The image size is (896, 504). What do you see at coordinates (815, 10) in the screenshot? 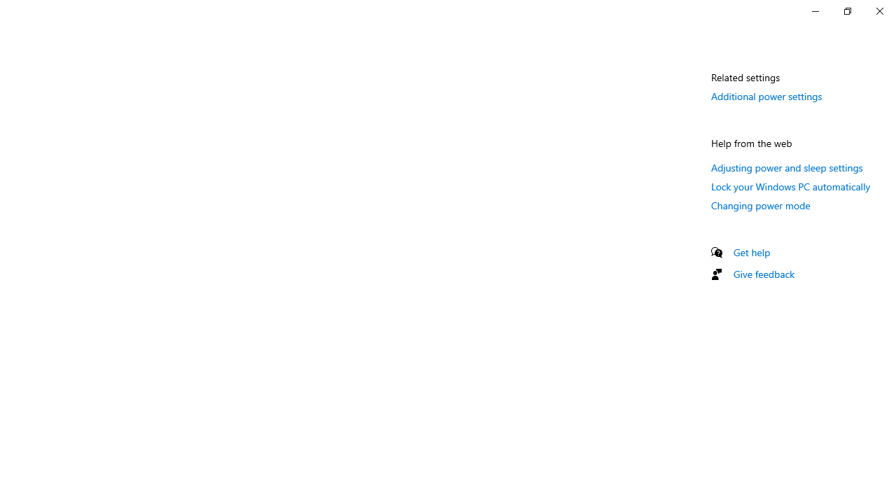
I see `'Minimize Settings'` at bounding box center [815, 10].